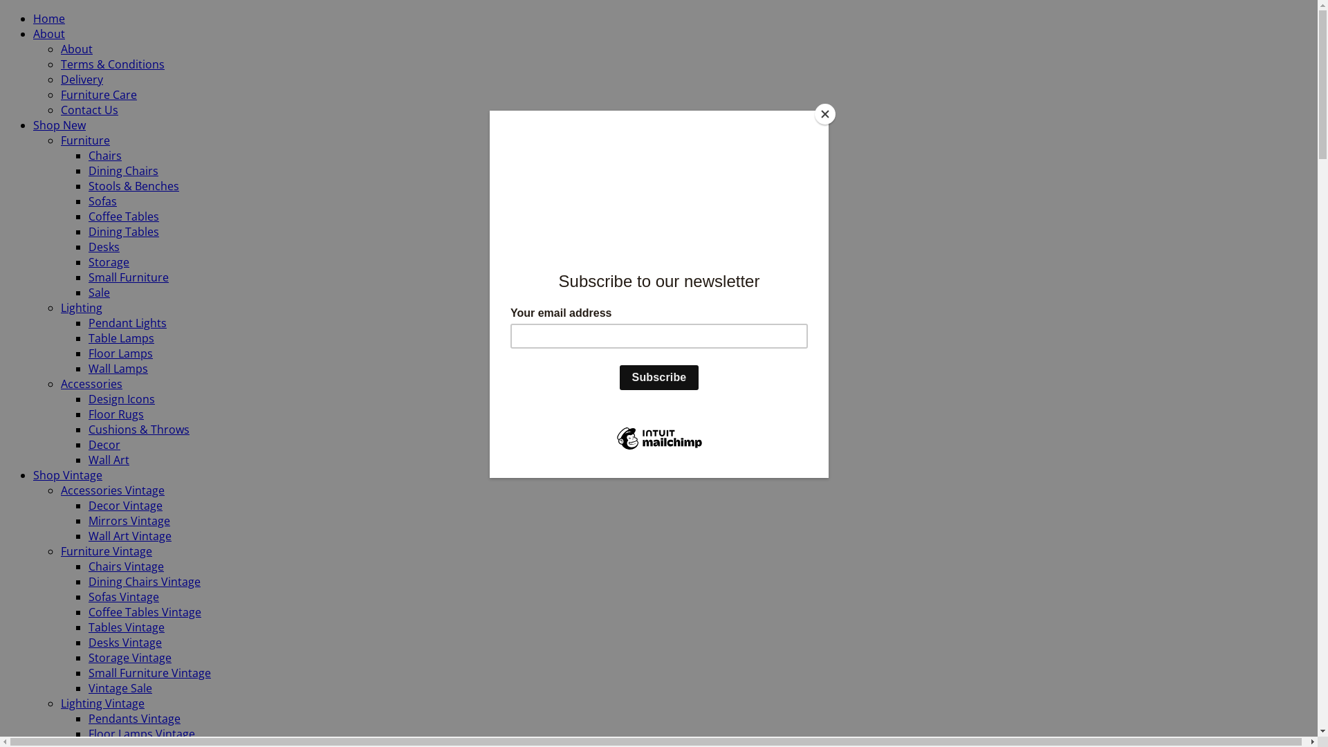  I want to click on 'Floor Lamps', so click(120, 352).